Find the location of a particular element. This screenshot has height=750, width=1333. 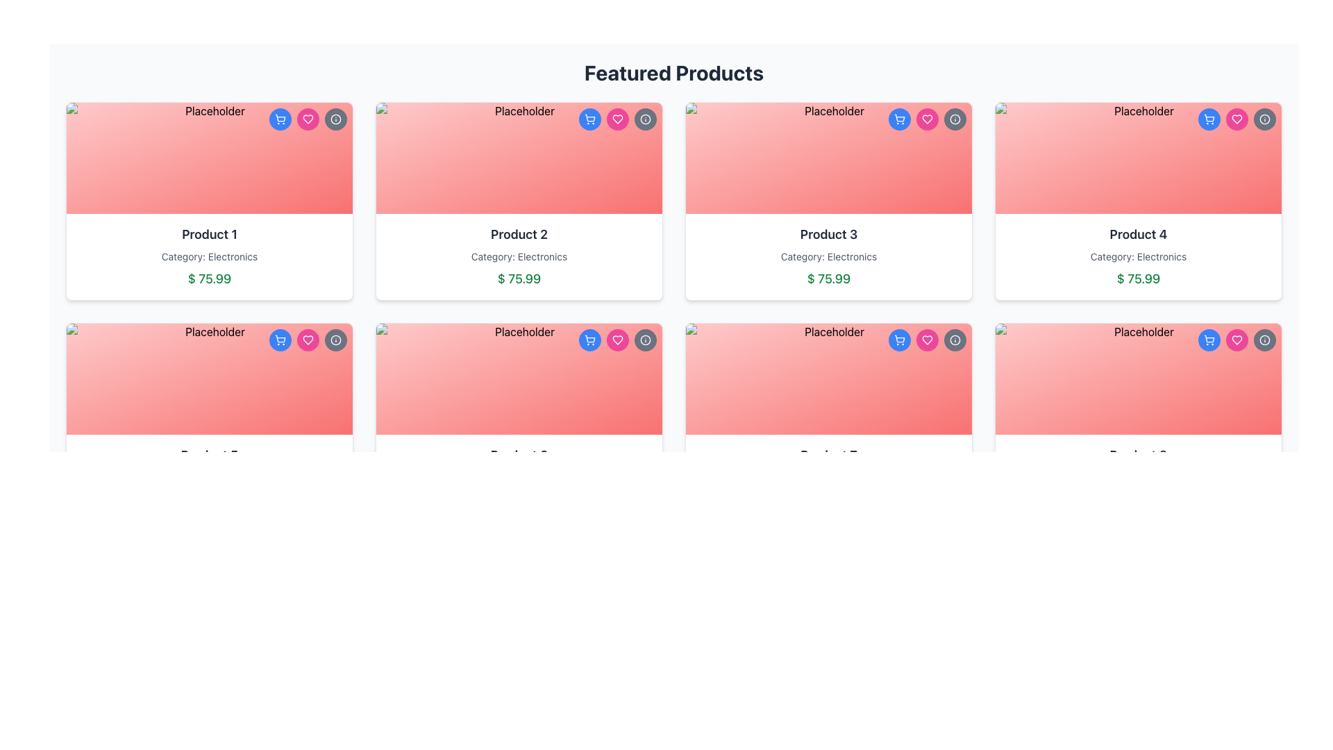

the circular pink button with a white heart icon located in the top-right corner of the product card to favorite the product is located at coordinates (927, 340).